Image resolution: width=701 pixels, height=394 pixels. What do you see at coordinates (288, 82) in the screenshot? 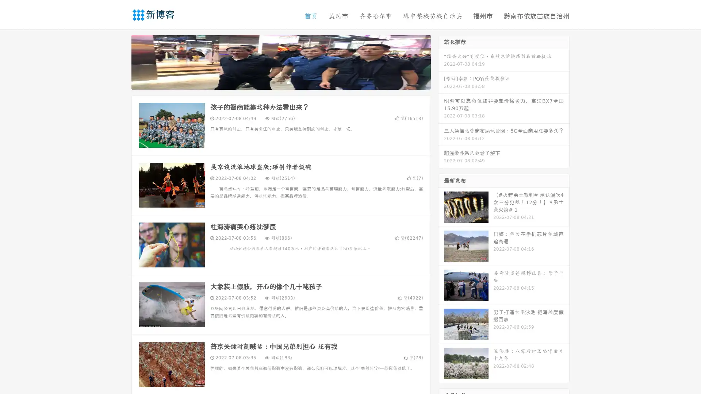
I see `Go to slide 3` at bounding box center [288, 82].